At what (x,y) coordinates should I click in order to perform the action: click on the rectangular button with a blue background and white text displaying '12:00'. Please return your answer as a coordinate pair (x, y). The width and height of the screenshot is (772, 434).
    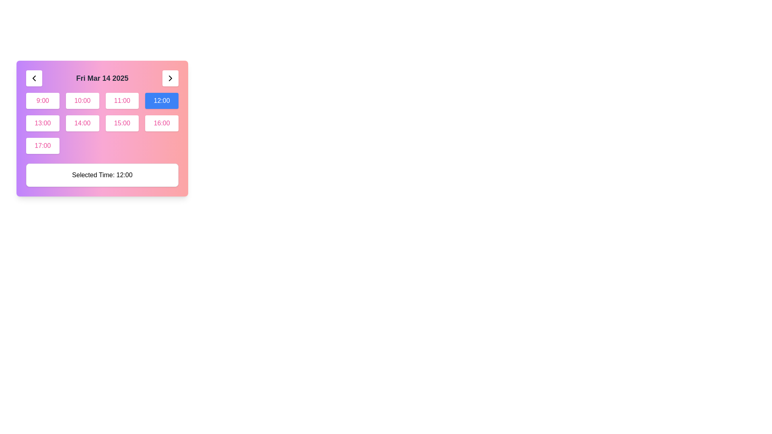
    Looking at the image, I should click on (161, 100).